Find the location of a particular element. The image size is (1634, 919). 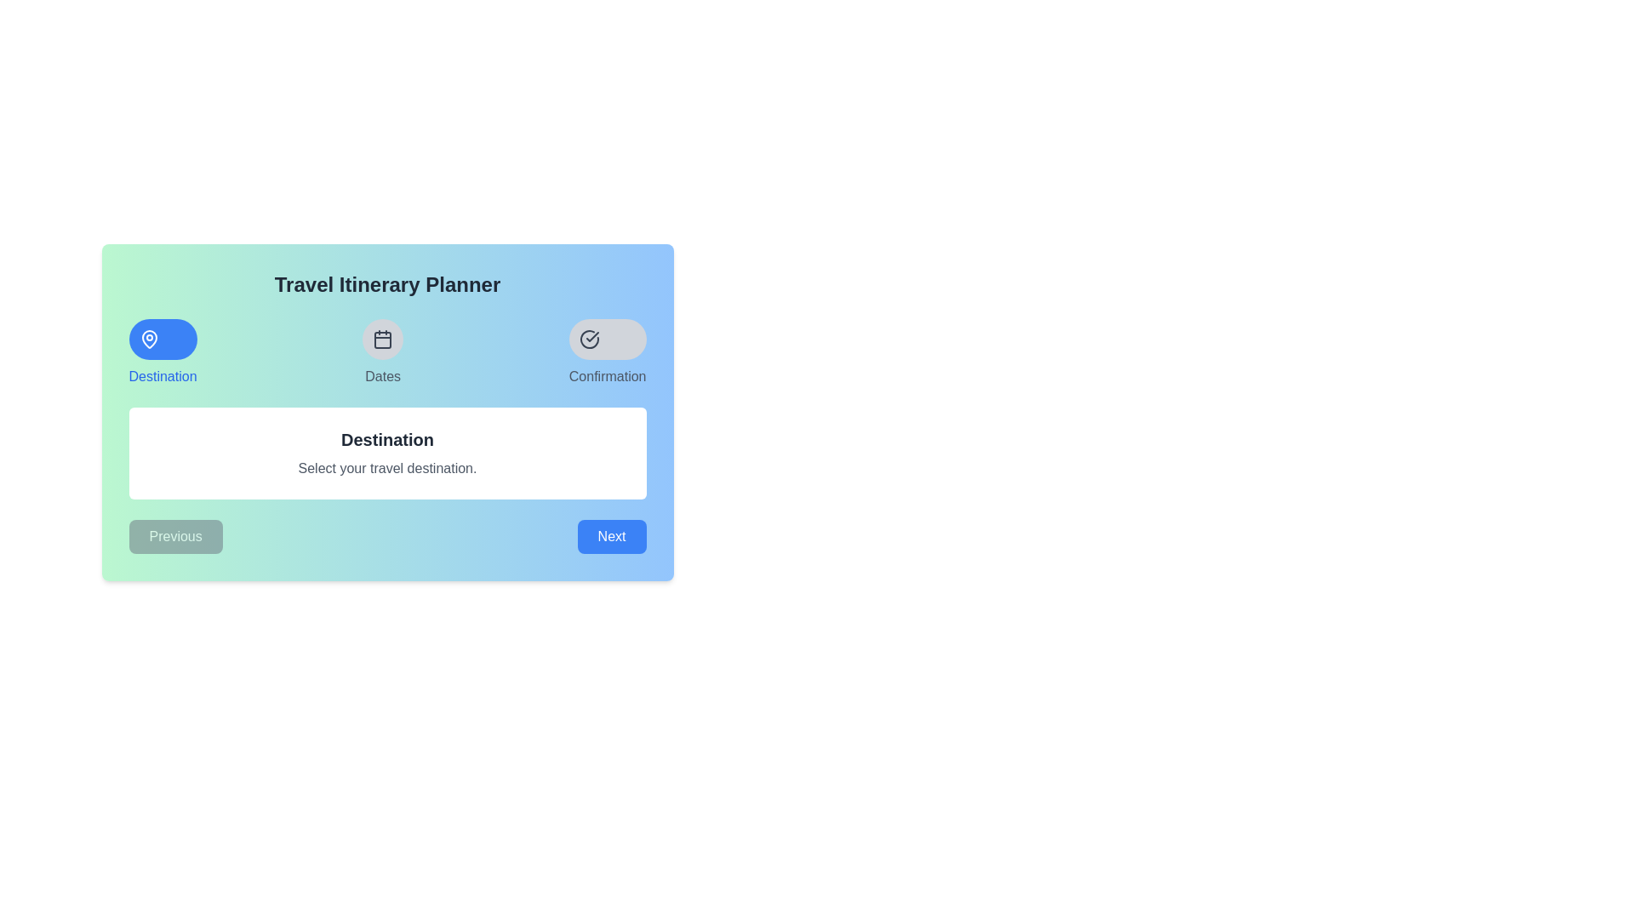

the circular icon with a checkmark labeled 'Confirmation' located in the third position of the top row of the blue-gradient card interface is located at coordinates (608, 352).